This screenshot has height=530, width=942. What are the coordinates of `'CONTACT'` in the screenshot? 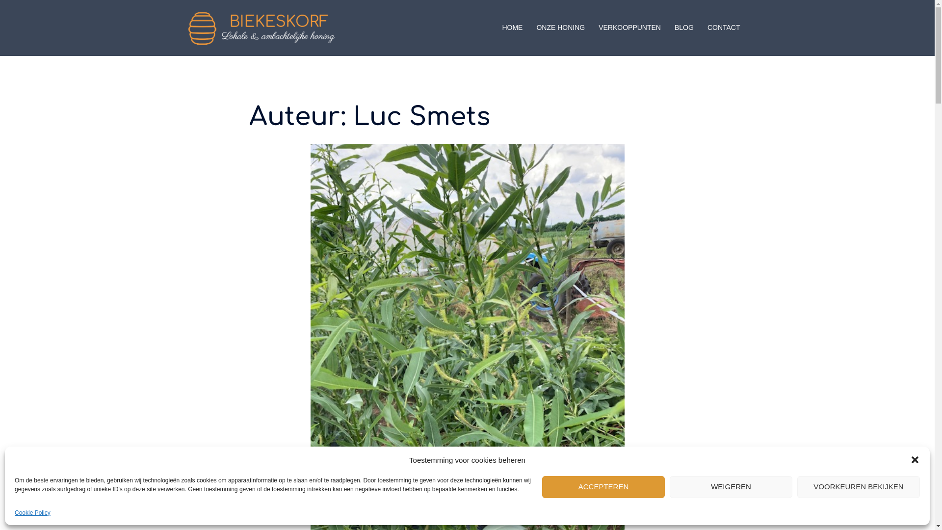 It's located at (724, 27).